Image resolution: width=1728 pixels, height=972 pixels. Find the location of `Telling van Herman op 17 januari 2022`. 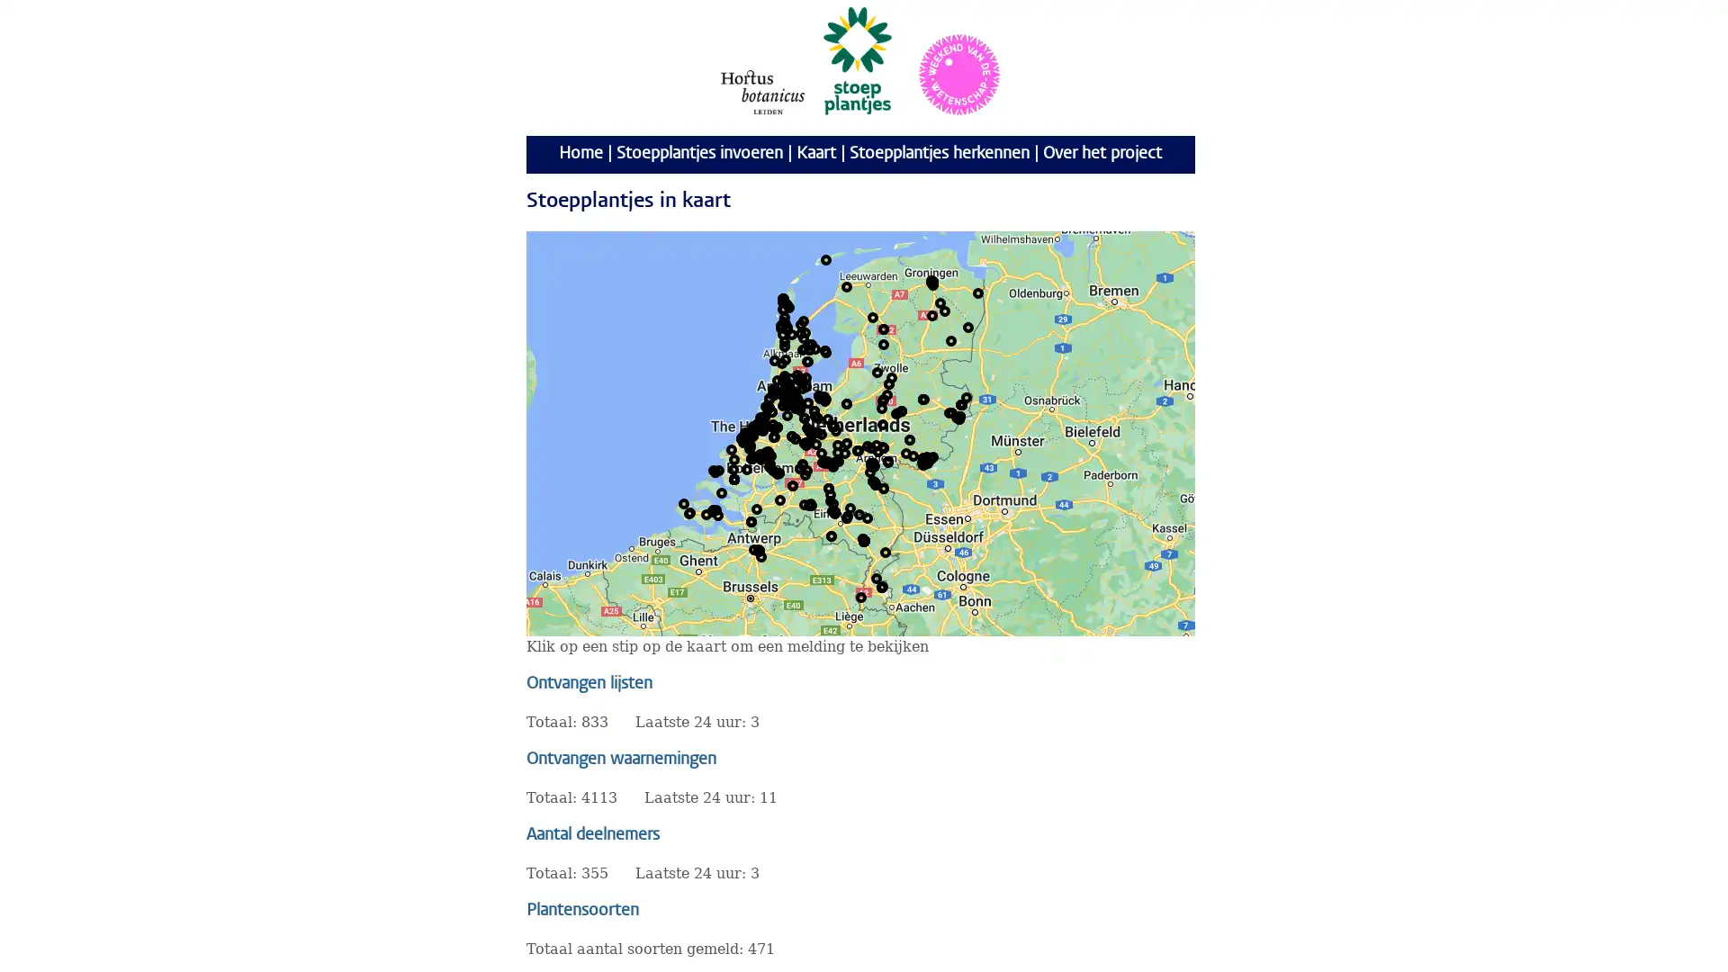

Telling van Herman op 17 januari 2022 is located at coordinates (884, 488).